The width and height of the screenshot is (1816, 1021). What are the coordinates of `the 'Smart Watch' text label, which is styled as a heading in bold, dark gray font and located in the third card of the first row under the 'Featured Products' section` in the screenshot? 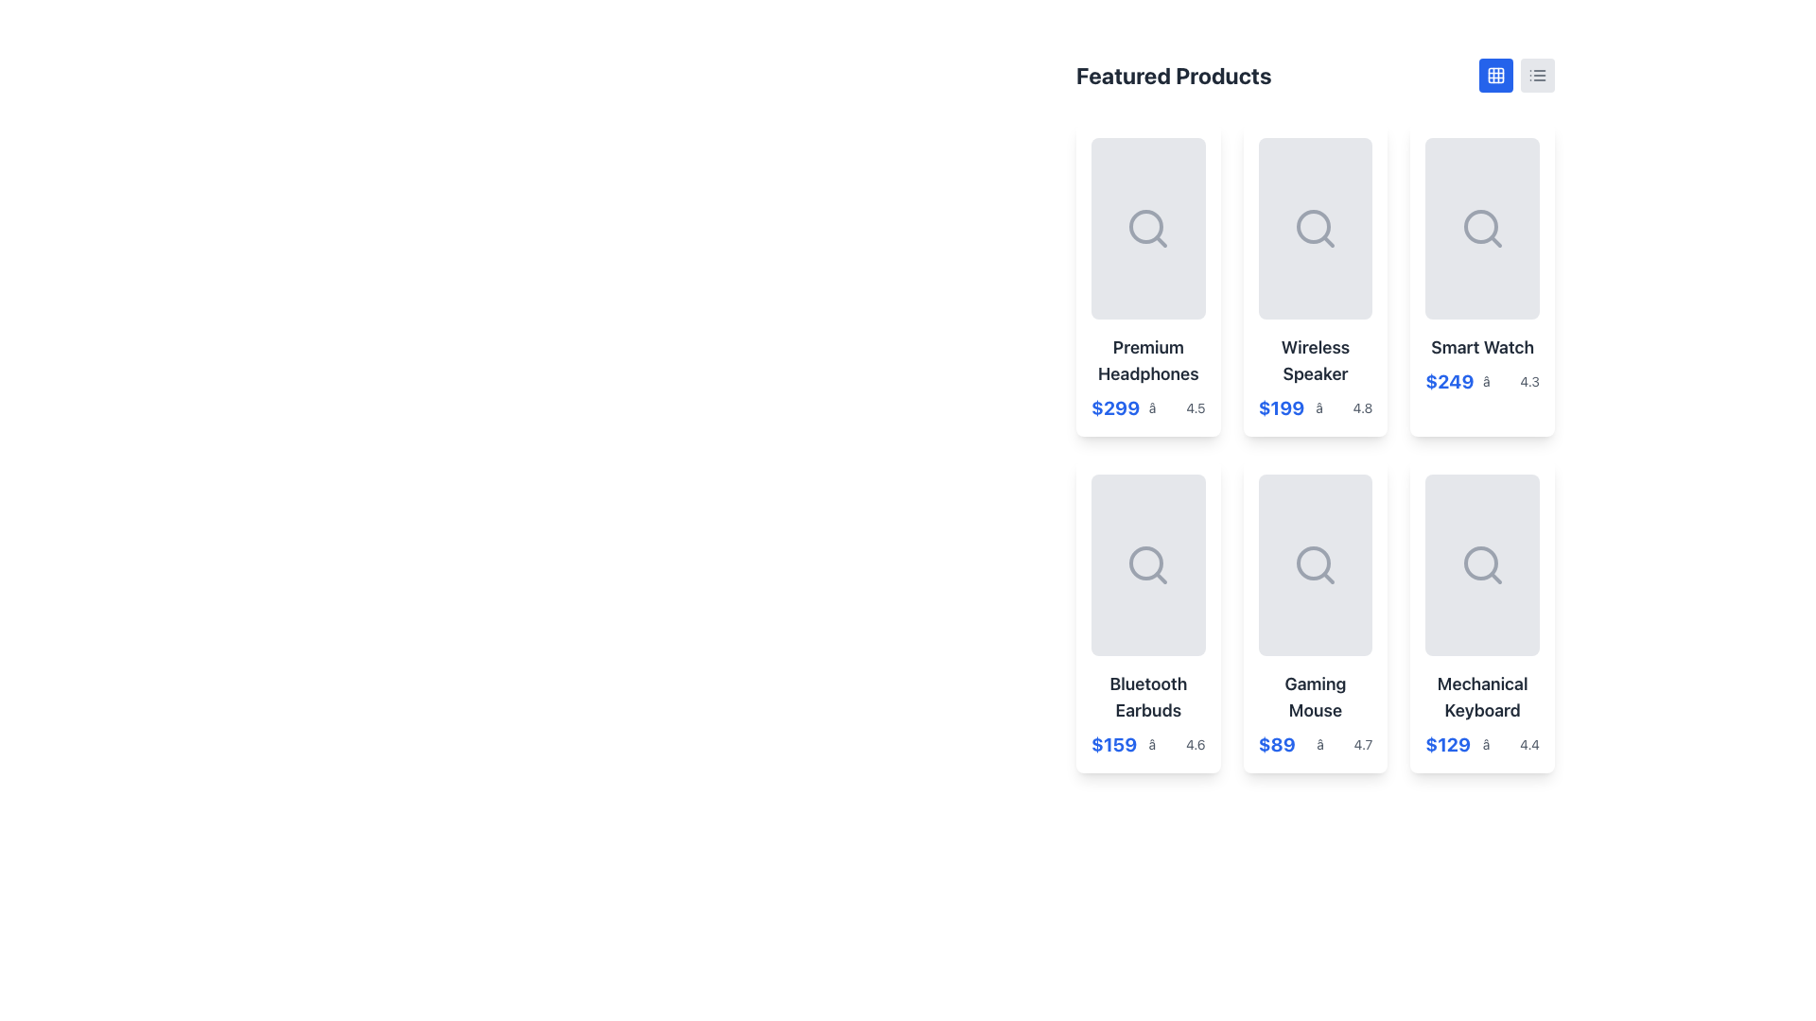 It's located at (1481, 347).